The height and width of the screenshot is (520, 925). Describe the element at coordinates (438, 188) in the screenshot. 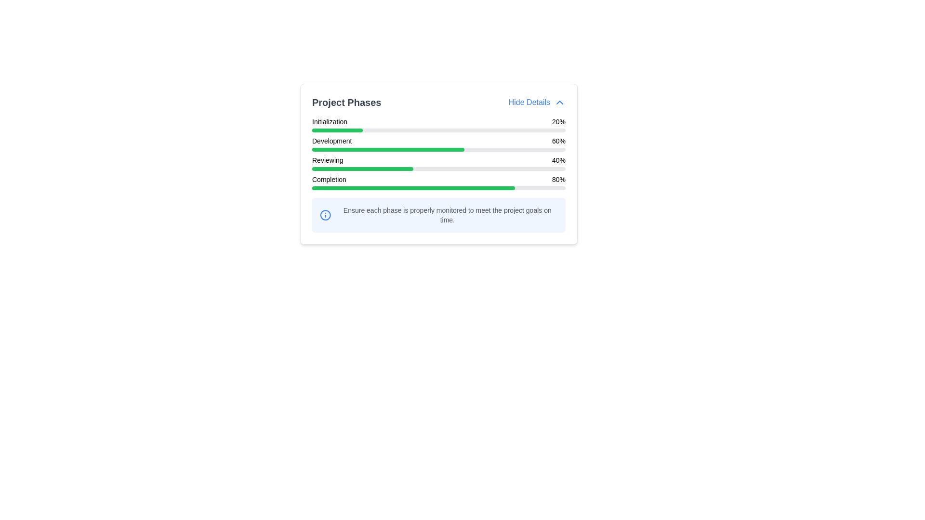

I see `the Progress bar located in the 'Project Phases' card, which visually represents 80% completion with a green section` at that location.